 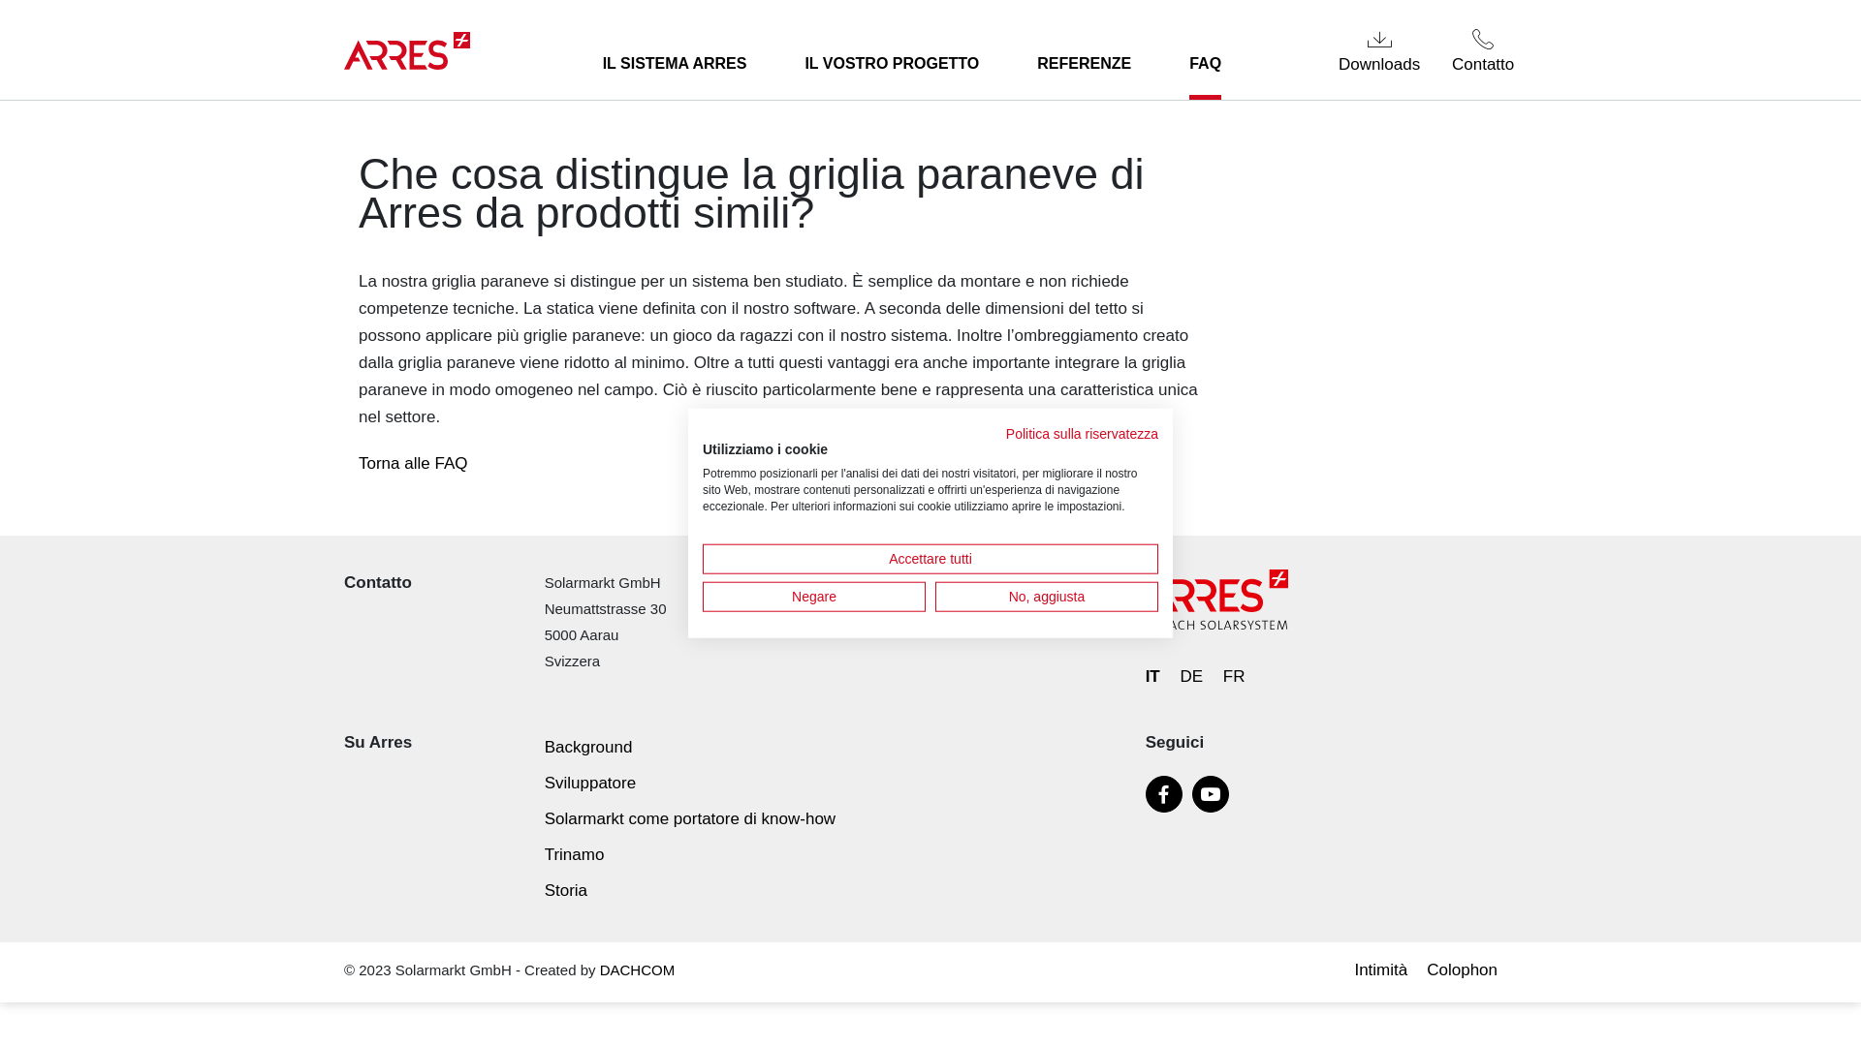 What do you see at coordinates (543, 782) in the screenshot?
I see `'Sviluppatore'` at bounding box center [543, 782].